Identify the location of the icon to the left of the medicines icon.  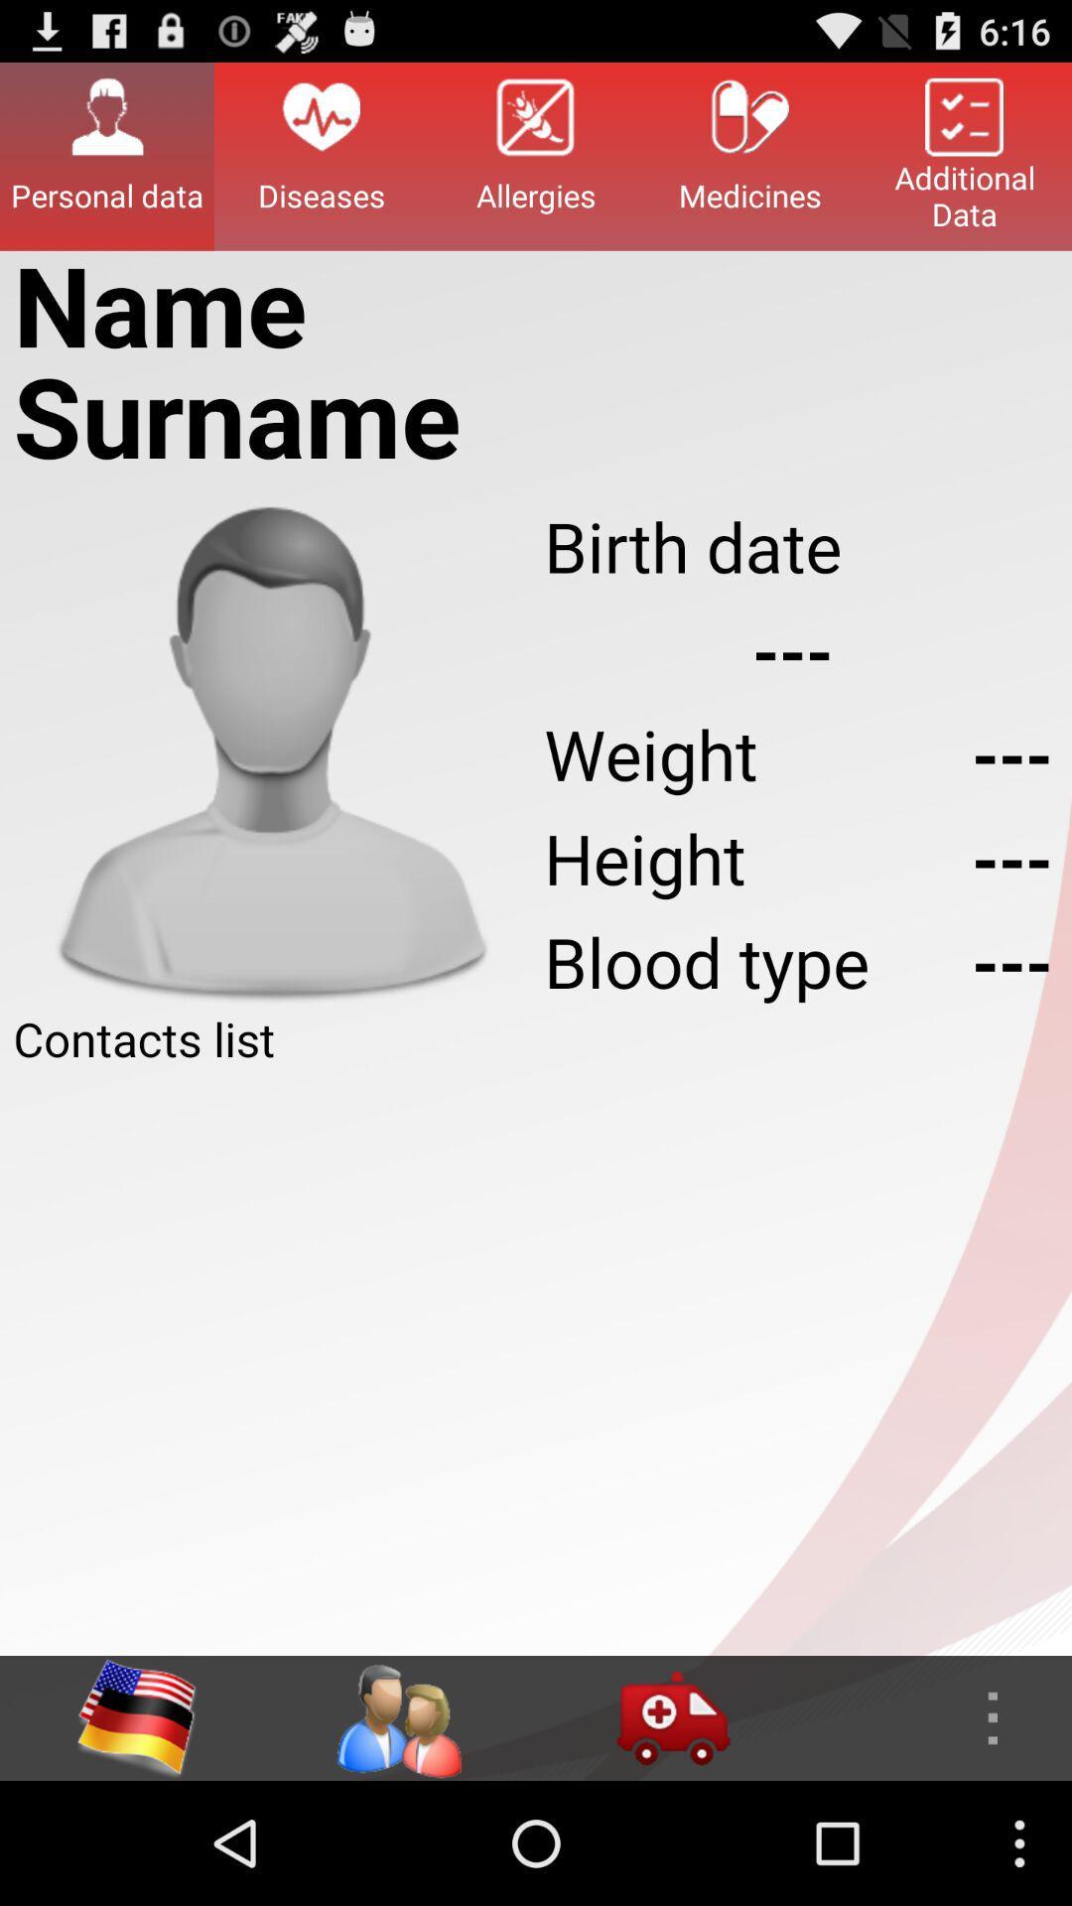
(536, 155).